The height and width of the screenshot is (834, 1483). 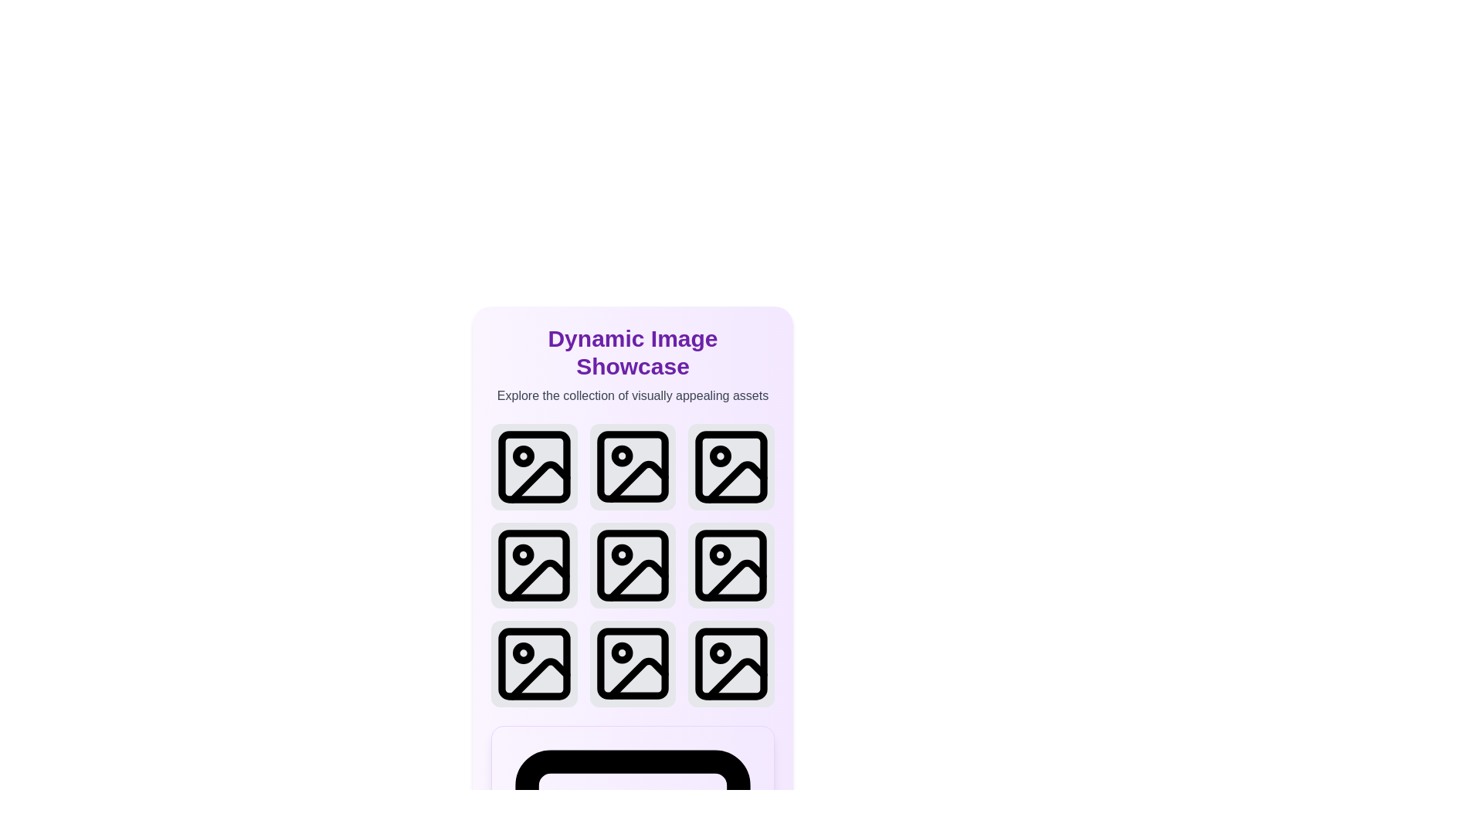 What do you see at coordinates (633, 565) in the screenshot?
I see `the center image placeholder button in the second row of the 3x3 grid layout` at bounding box center [633, 565].